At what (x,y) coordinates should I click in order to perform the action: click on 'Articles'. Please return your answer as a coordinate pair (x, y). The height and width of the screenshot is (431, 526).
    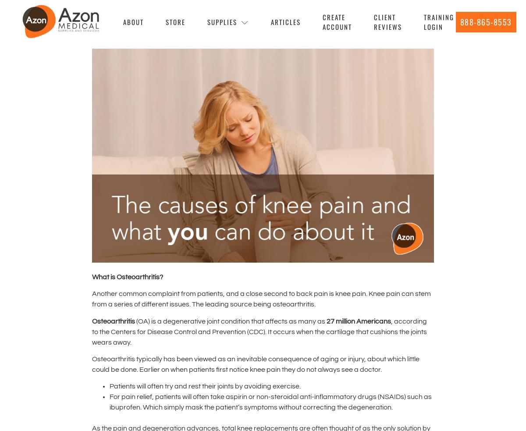
    Looking at the image, I should click on (285, 21).